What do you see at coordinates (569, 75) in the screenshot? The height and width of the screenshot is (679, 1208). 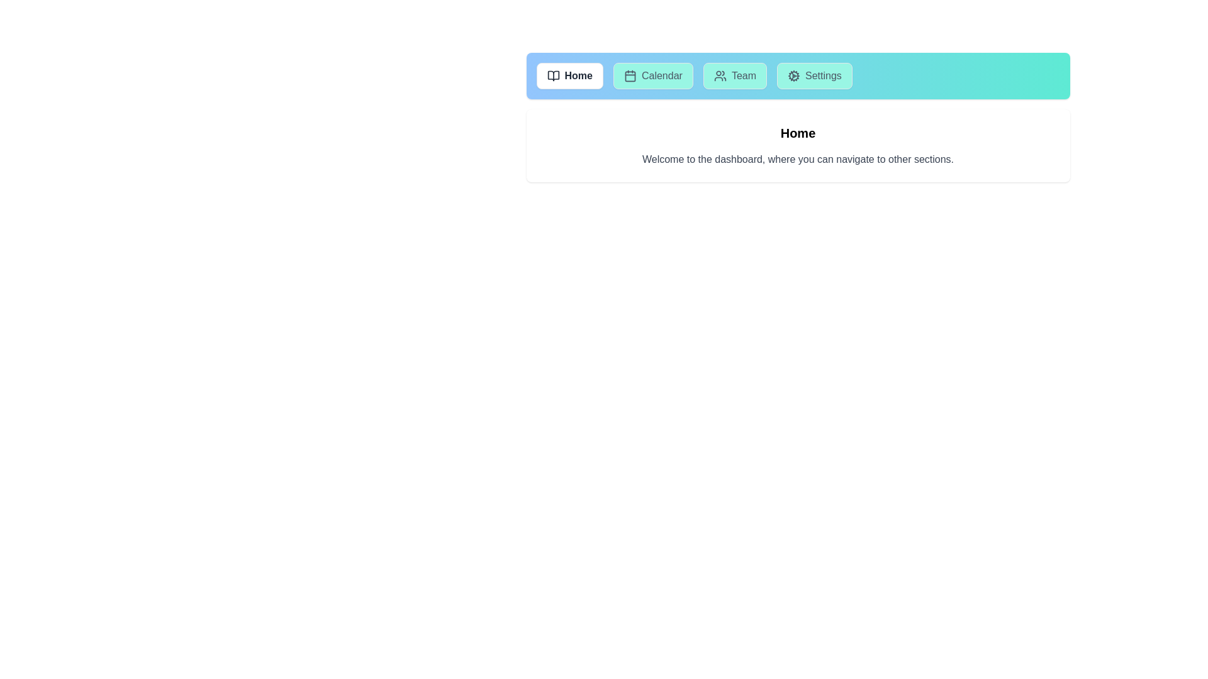 I see `the tab labeled Home` at bounding box center [569, 75].